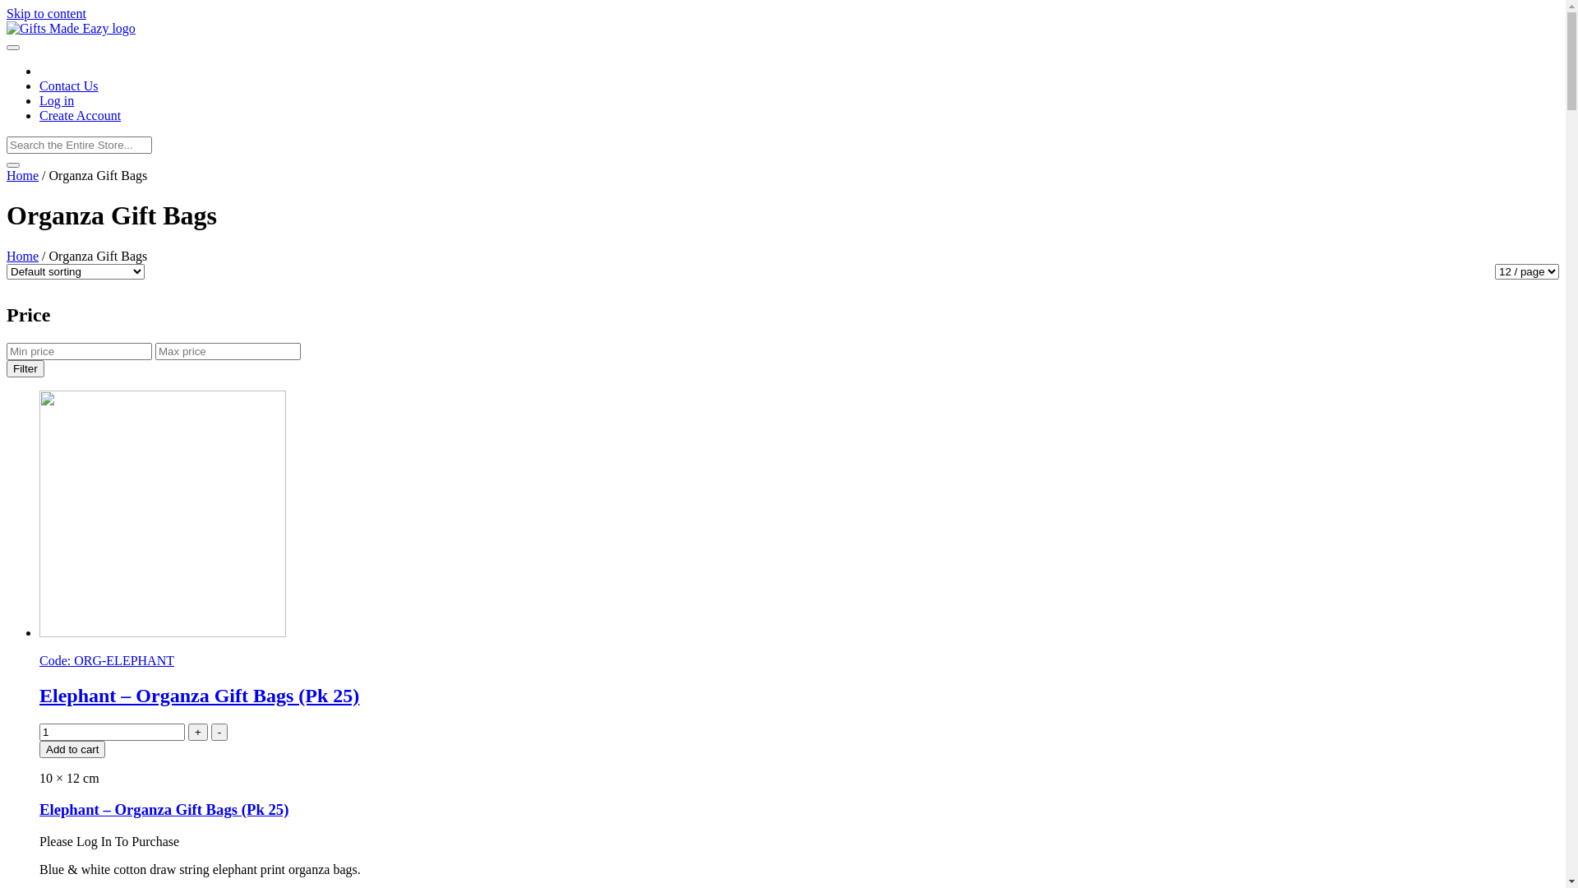  What do you see at coordinates (71, 748) in the screenshot?
I see `'Add to cart'` at bounding box center [71, 748].